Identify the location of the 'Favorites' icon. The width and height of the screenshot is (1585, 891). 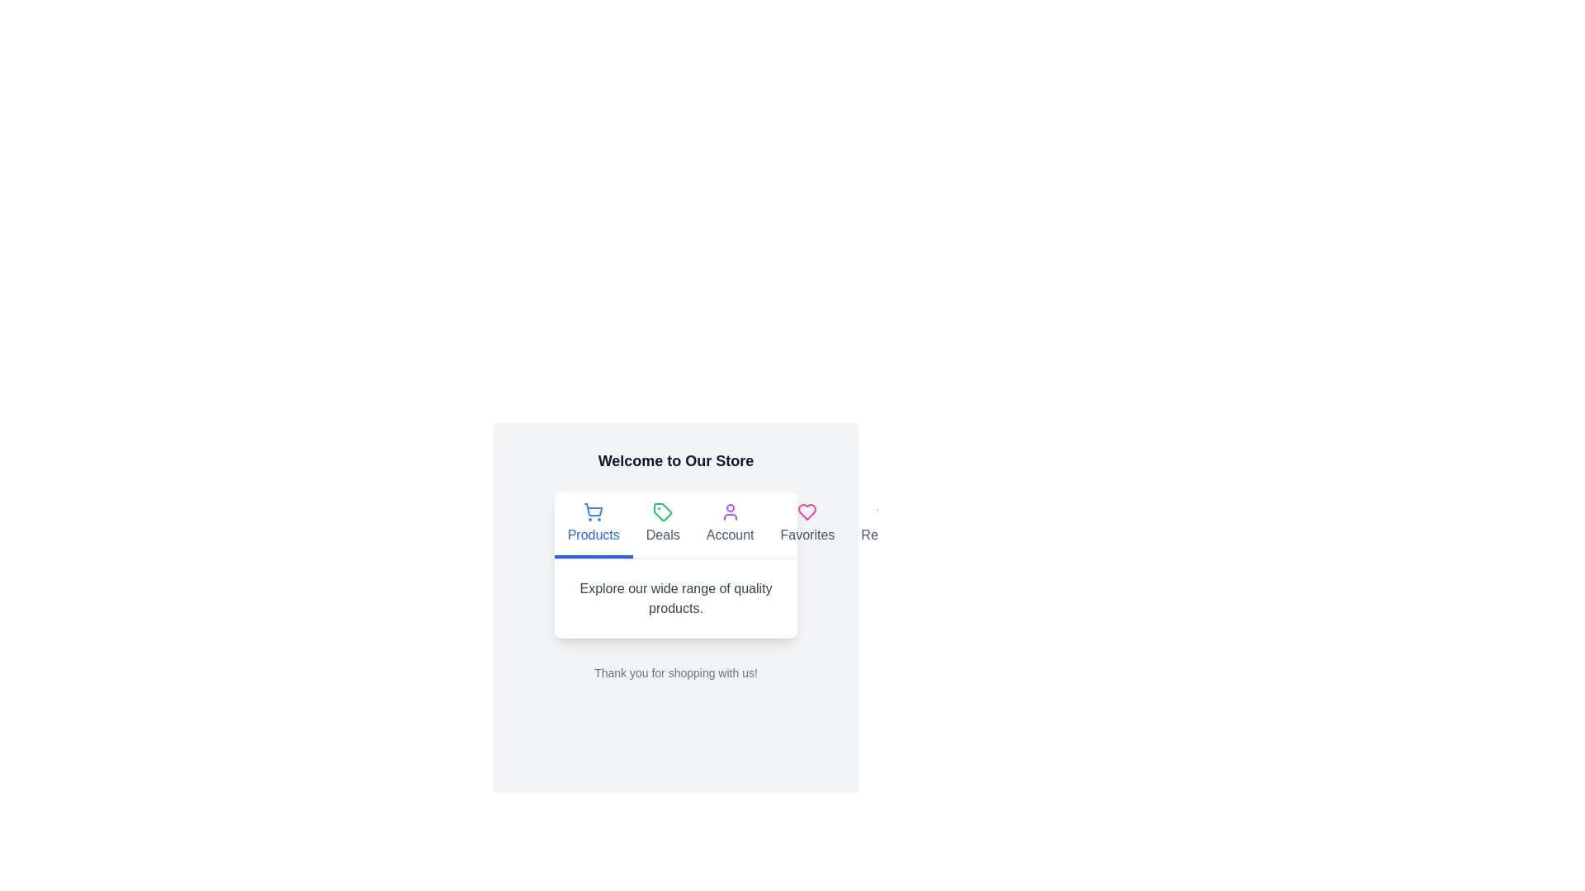
(807, 511).